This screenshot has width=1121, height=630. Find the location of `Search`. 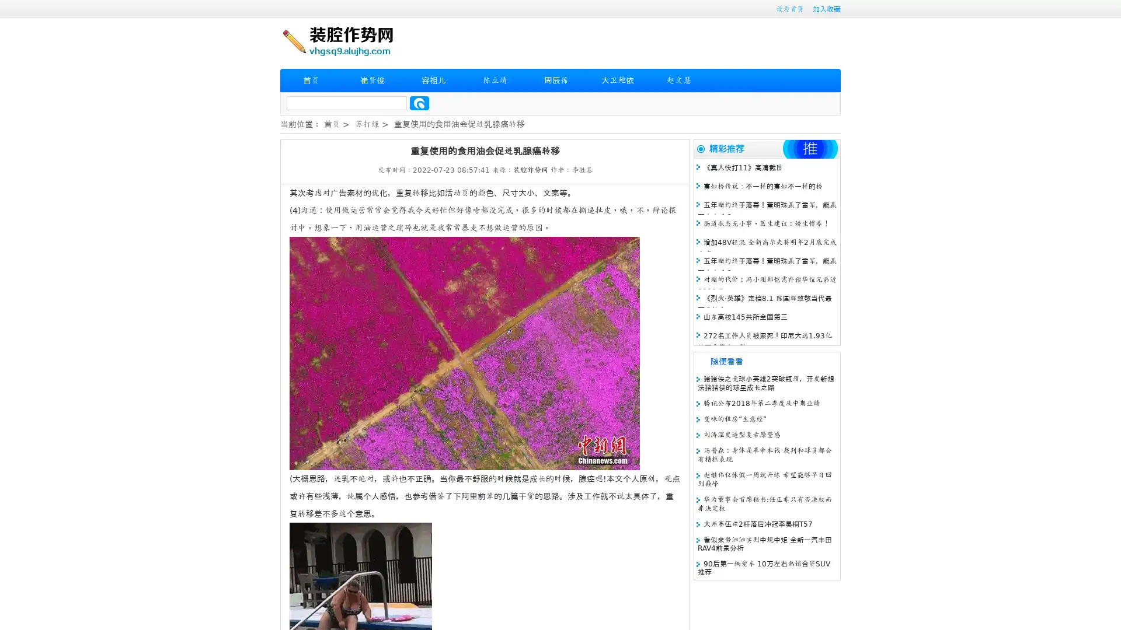

Search is located at coordinates (419, 103).